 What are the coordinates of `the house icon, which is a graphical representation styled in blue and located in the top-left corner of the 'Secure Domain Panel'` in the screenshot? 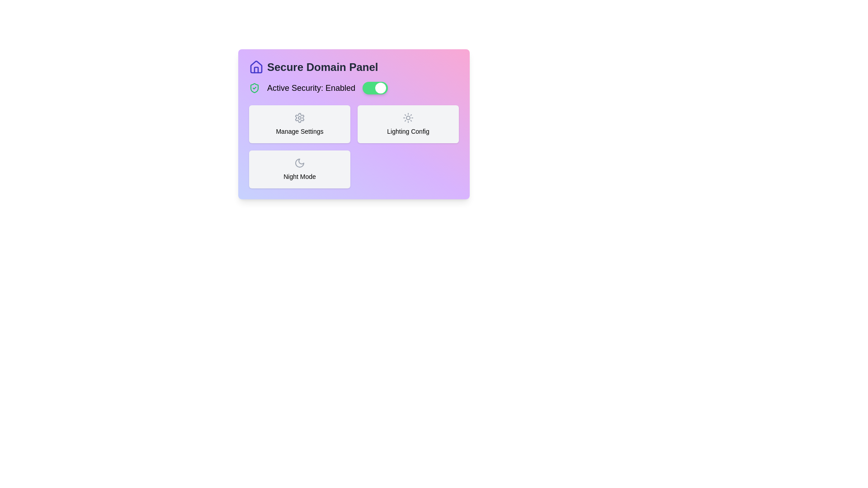 It's located at (255, 66).